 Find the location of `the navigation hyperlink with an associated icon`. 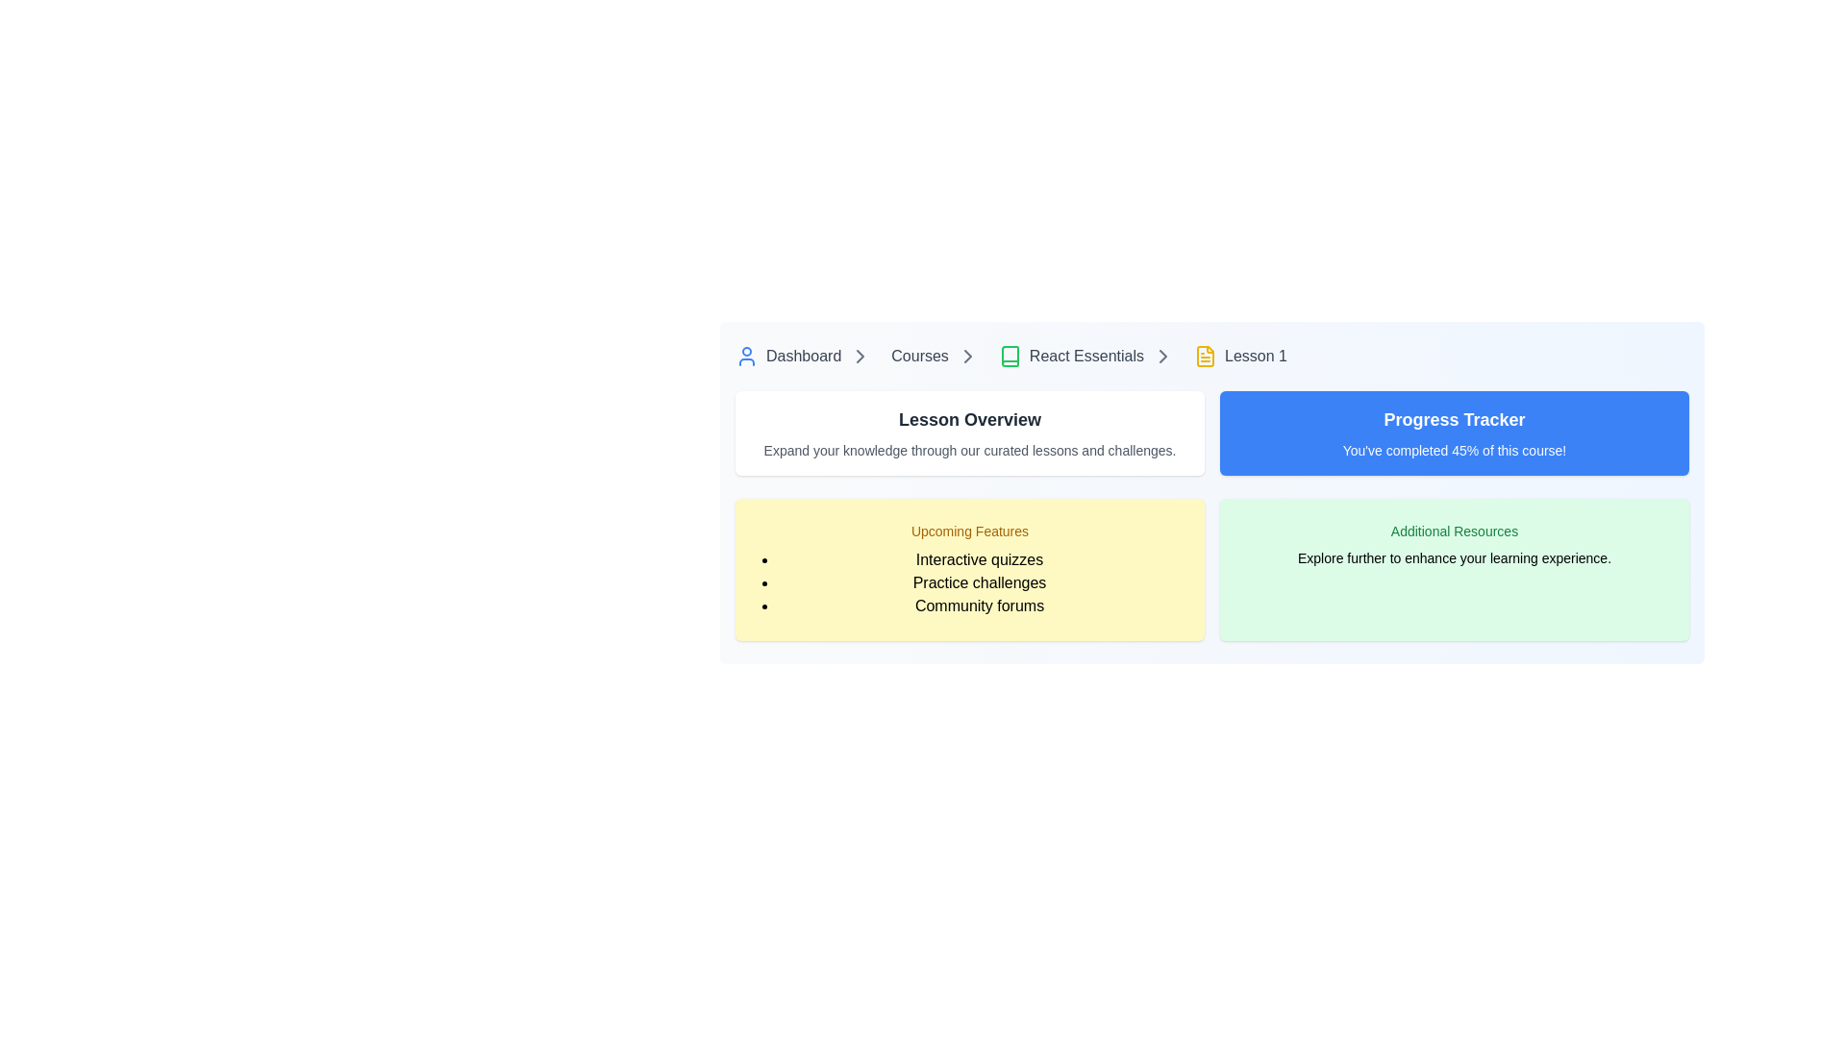

the navigation hyperlink with an associated icon is located at coordinates (788, 356).